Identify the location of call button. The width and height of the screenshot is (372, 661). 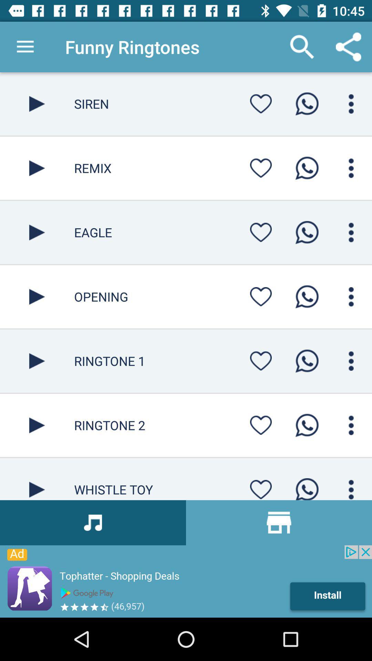
(307, 425).